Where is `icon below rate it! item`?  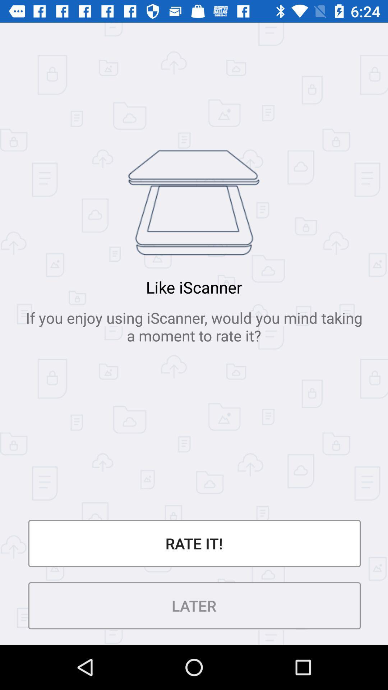 icon below rate it! item is located at coordinates (194, 605).